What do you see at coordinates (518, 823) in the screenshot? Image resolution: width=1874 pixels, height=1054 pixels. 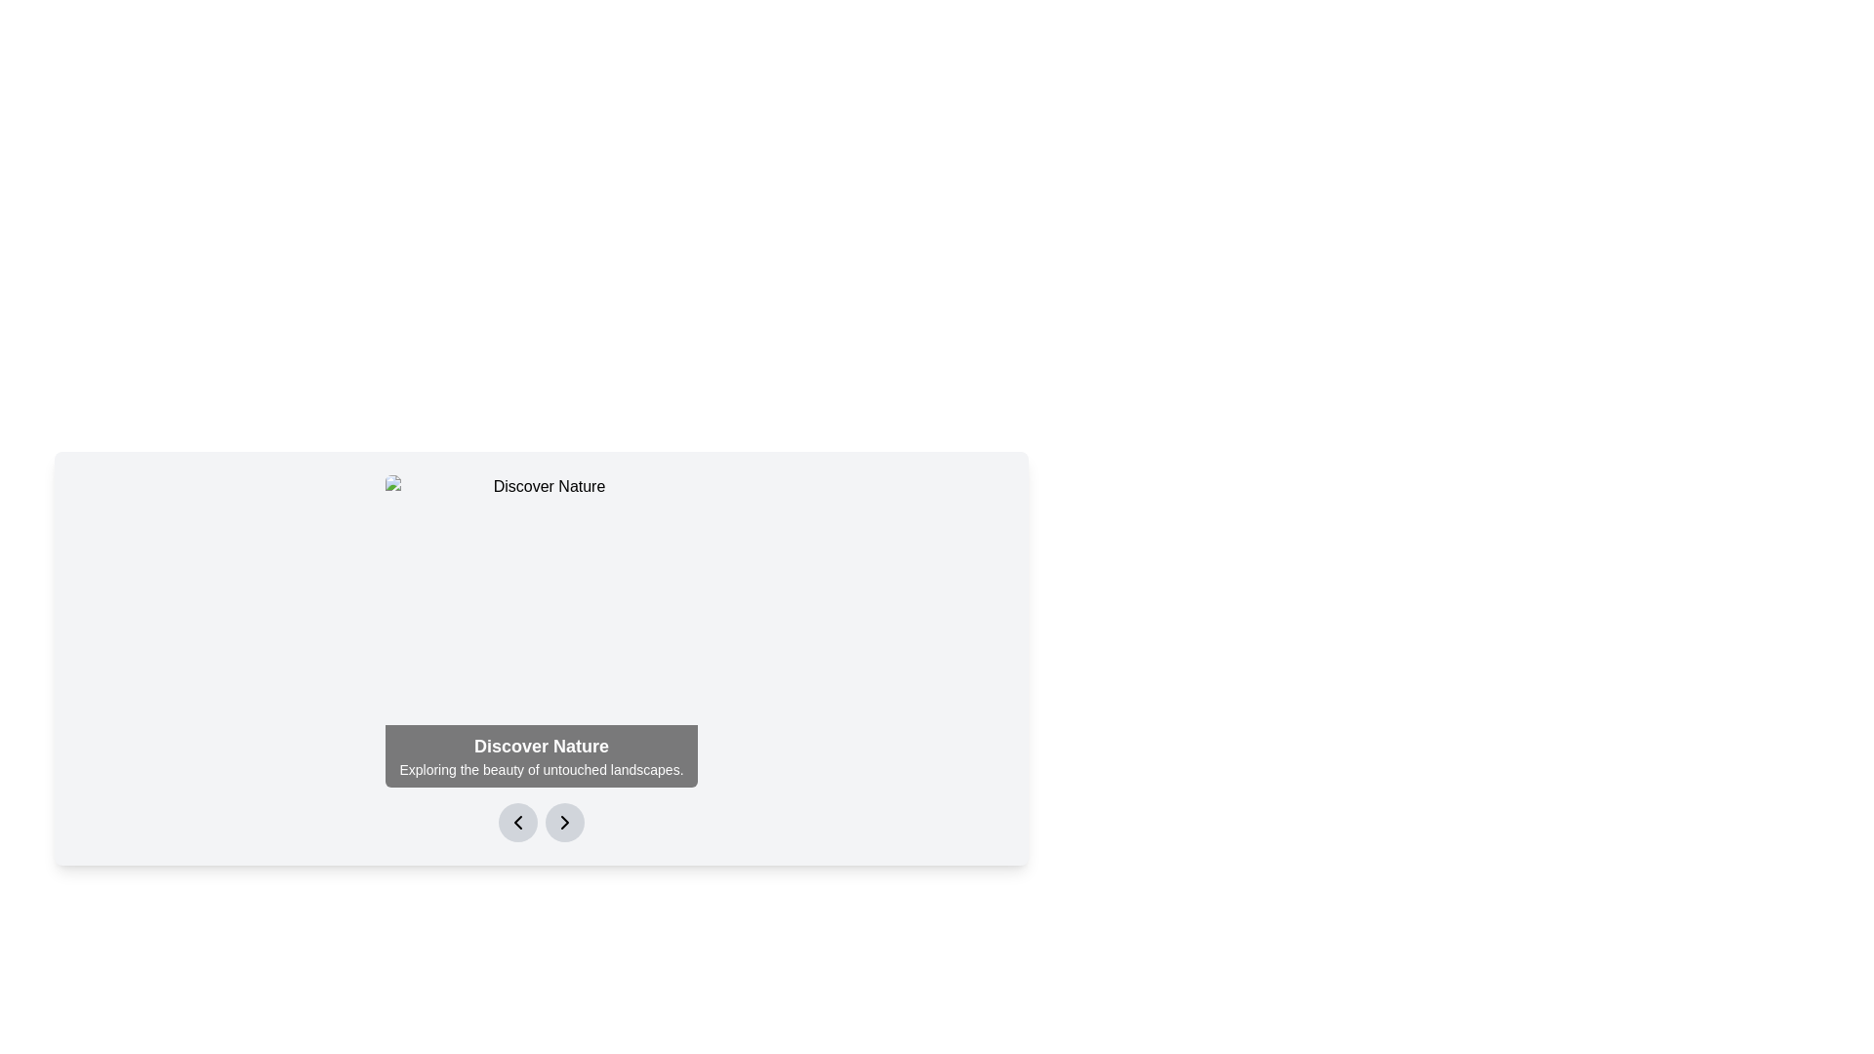 I see `the navigational control button containing the icon for moving to the previous item in the carousel, located near the bottom center of the interface` at bounding box center [518, 823].